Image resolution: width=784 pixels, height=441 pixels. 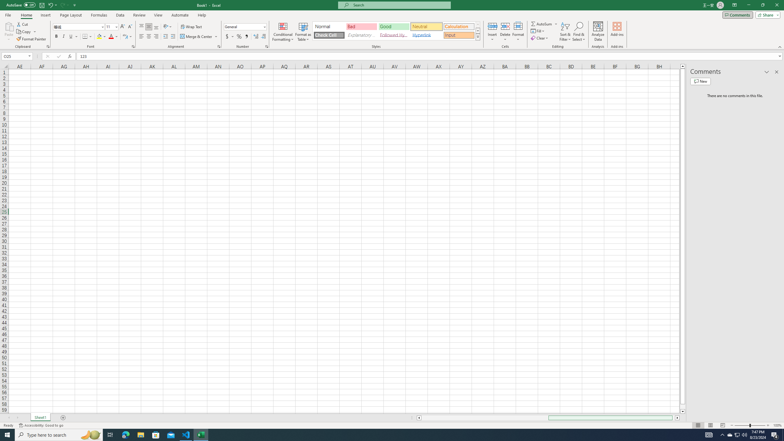 What do you see at coordinates (239, 36) in the screenshot?
I see `'Percent Style'` at bounding box center [239, 36].